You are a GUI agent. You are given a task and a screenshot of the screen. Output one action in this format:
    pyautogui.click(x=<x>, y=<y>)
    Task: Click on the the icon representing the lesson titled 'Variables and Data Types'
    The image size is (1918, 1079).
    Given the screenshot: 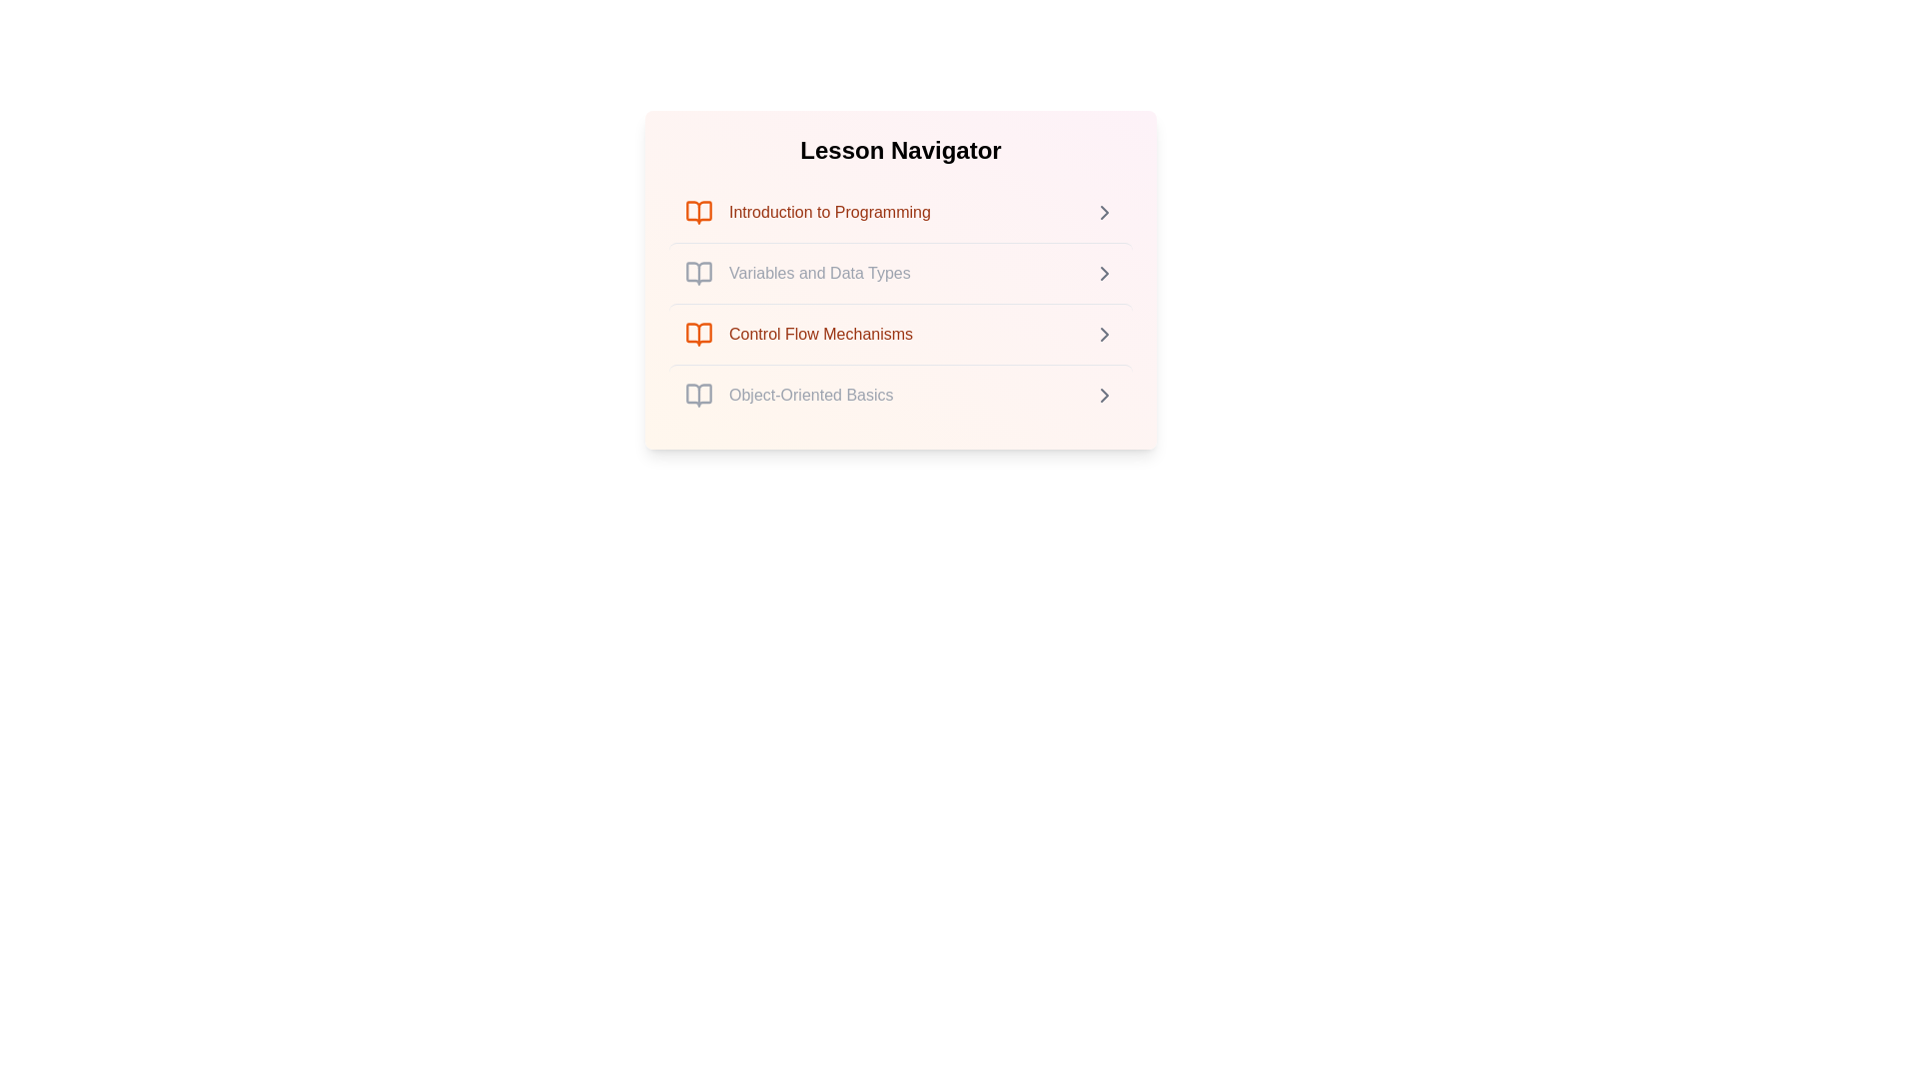 What is the action you would take?
    pyautogui.click(x=699, y=273)
    